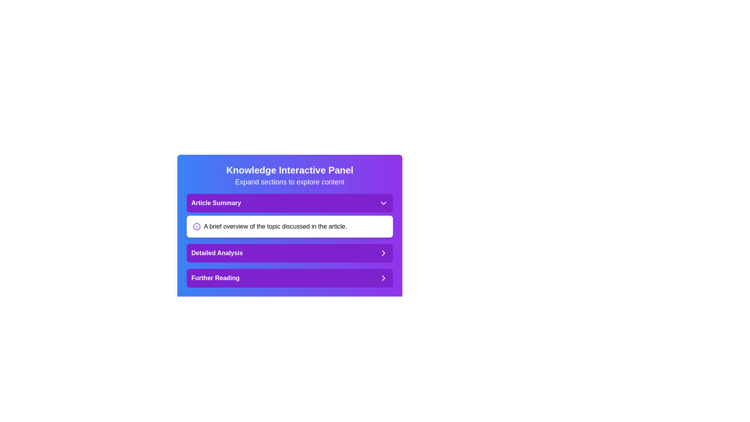 The image size is (750, 422). What do you see at coordinates (289, 214) in the screenshot?
I see `the Section header with description in the 'Knowledge Interactive Panel'` at bounding box center [289, 214].